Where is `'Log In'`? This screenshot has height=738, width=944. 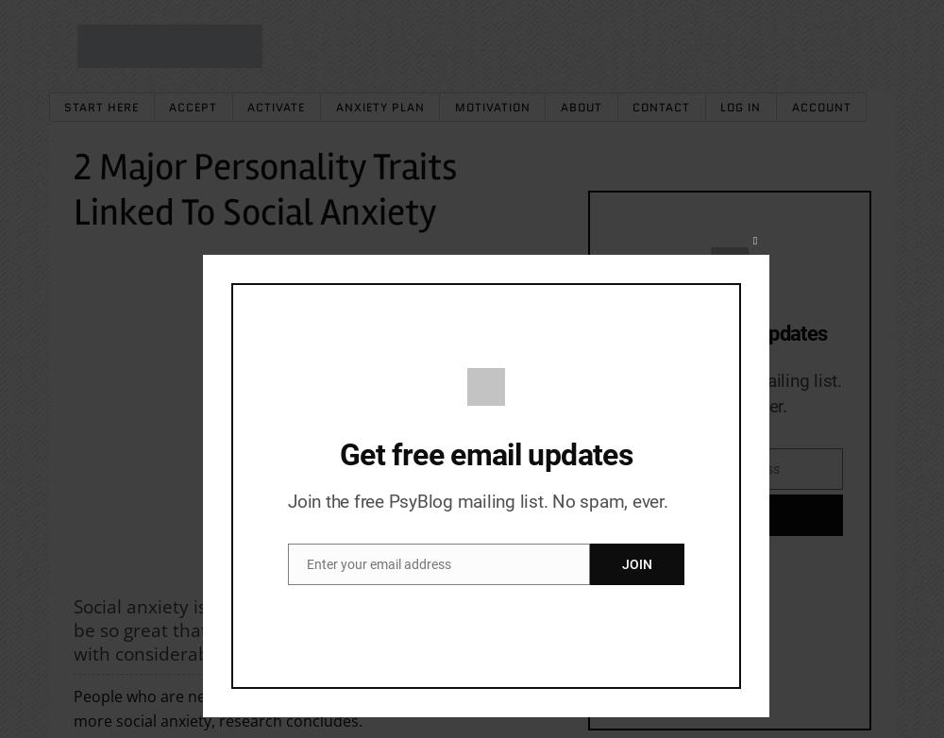
'Log In' is located at coordinates (740, 107).